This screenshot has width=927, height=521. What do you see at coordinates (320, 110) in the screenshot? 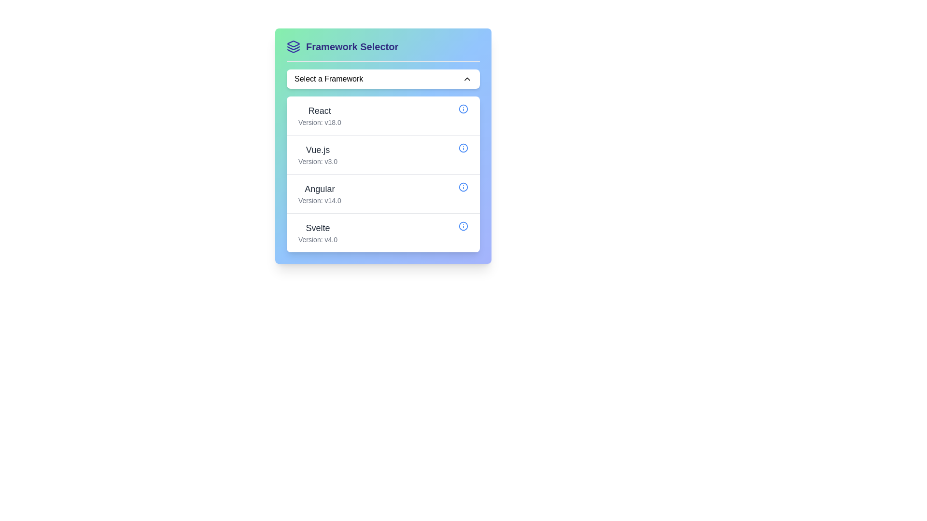
I see `text label that serves as the title for the first framework option in the list, indicating the 'React' framework, located under the 'Select a Framework' dropdown menu in the 'Framework Selector' section` at bounding box center [320, 110].